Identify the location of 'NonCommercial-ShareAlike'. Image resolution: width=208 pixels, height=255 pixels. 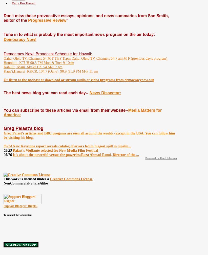
(25, 183).